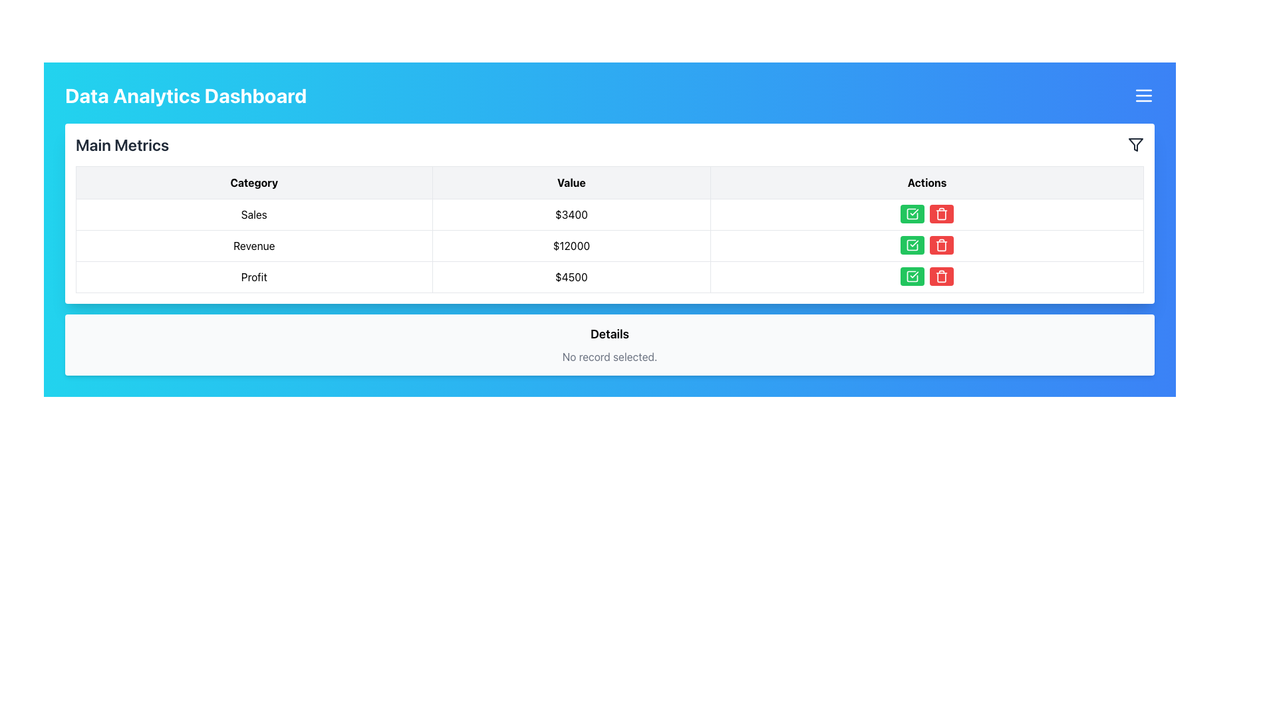 The width and height of the screenshot is (1277, 718). What do you see at coordinates (912, 245) in the screenshot?
I see `the validation button located in the 'Actions' column of the second row in the main table` at bounding box center [912, 245].